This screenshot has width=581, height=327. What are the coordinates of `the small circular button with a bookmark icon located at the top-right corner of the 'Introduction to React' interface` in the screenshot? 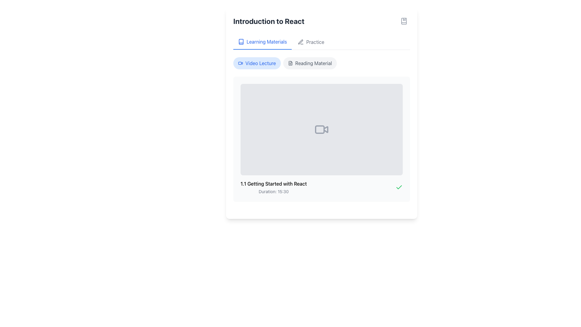 It's located at (404, 21).